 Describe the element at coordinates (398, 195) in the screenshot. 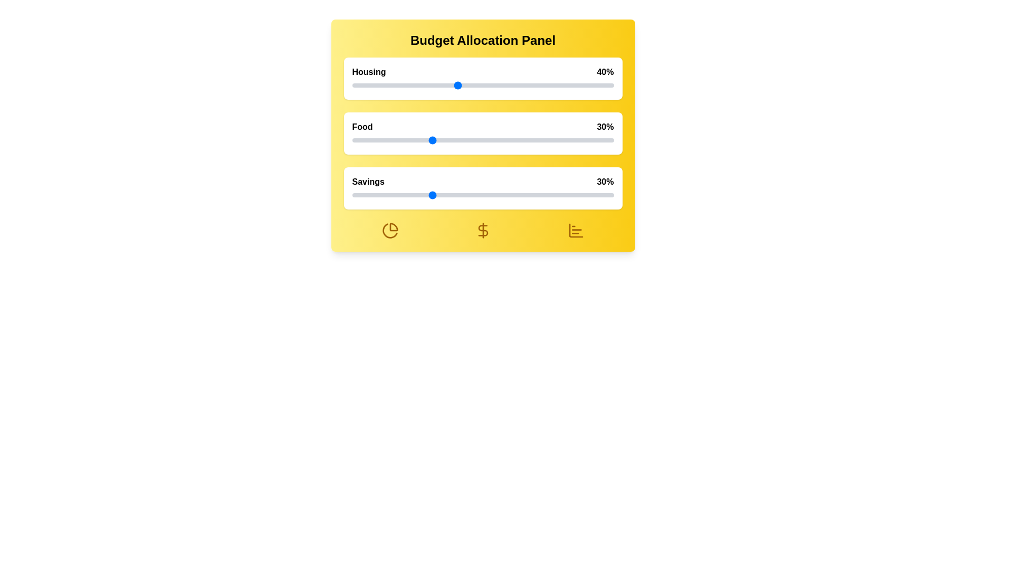

I see `the slider` at that location.